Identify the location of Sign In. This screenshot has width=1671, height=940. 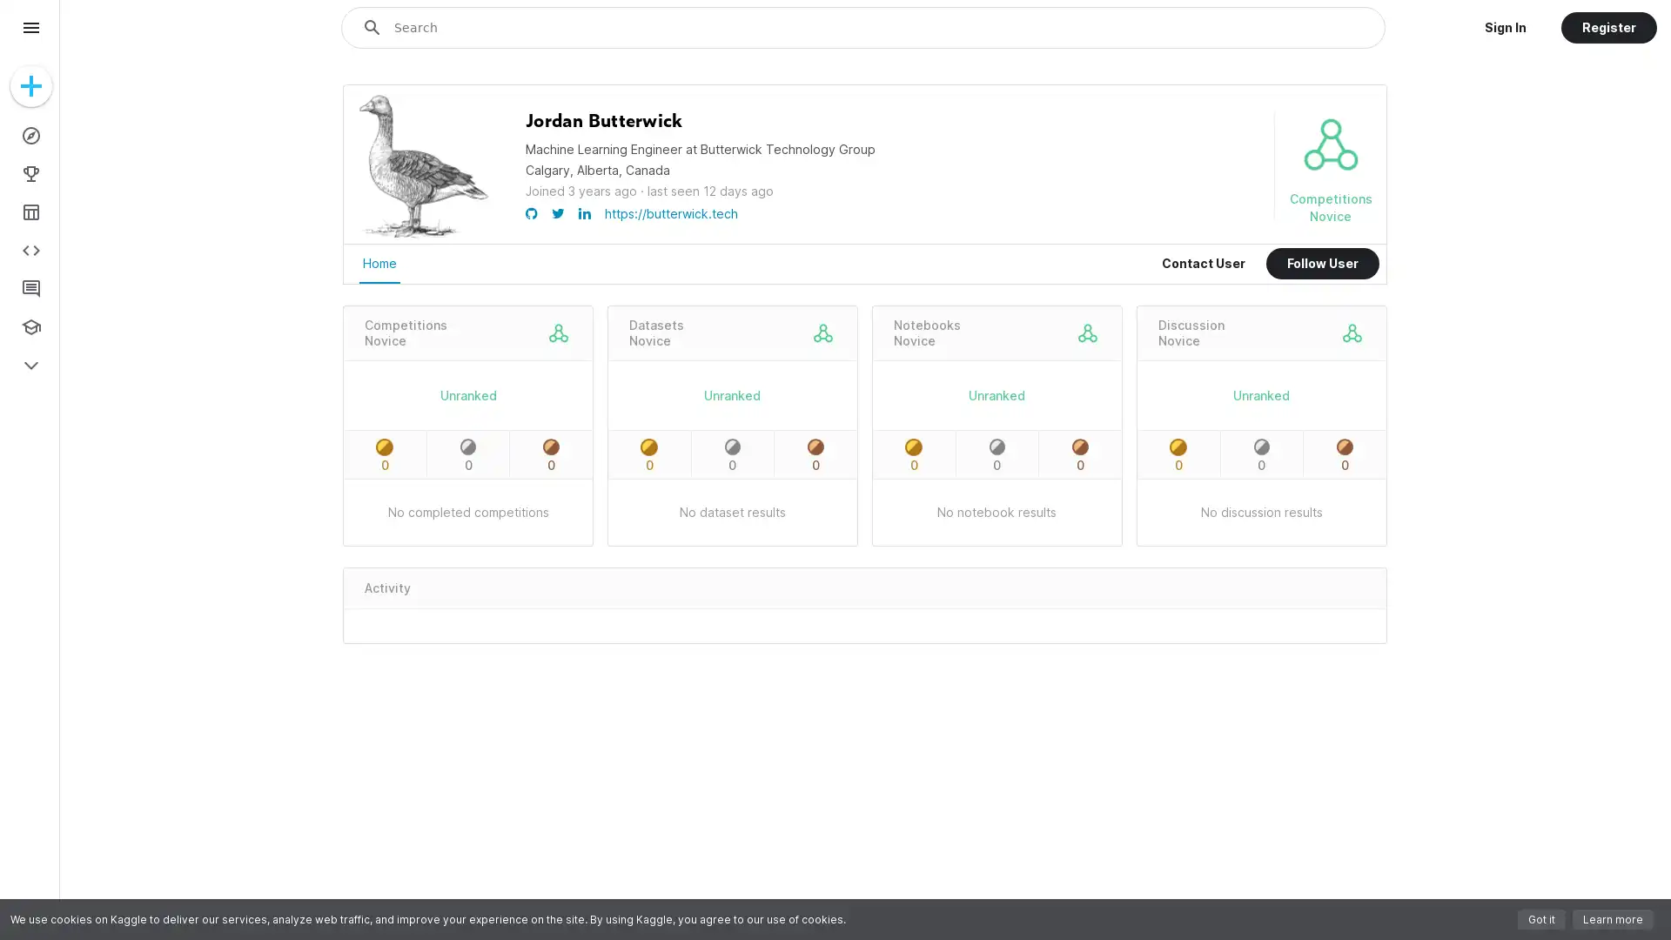
(1504, 27).